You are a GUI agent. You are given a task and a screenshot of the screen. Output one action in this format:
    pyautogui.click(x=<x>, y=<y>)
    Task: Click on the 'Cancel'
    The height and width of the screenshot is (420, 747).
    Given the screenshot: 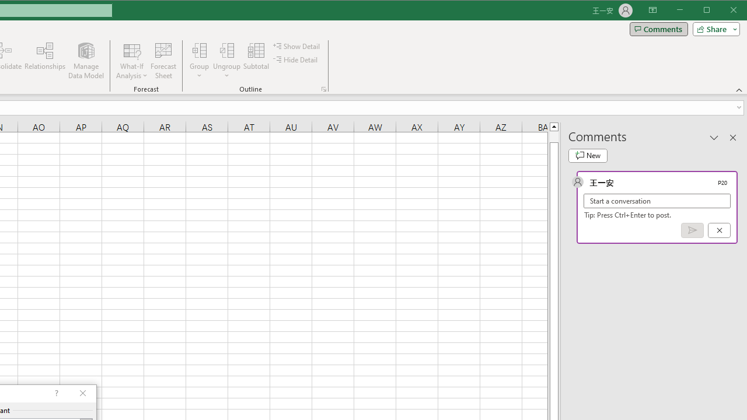 What is the action you would take?
    pyautogui.click(x=718, y=230)
    